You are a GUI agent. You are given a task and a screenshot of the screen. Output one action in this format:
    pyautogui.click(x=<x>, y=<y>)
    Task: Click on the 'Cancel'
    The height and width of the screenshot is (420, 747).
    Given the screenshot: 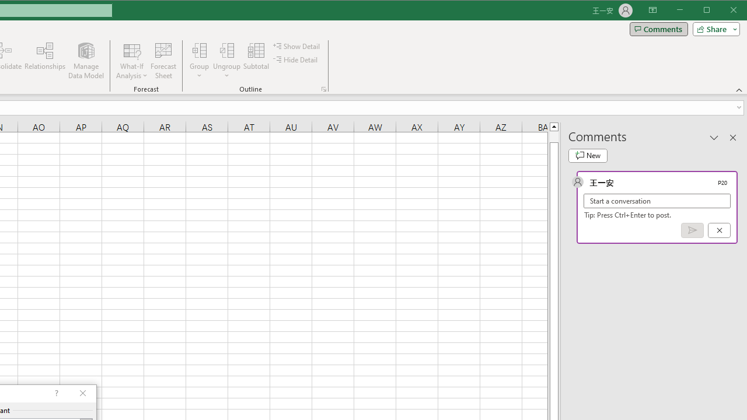 What is the action you would take?
    pyautogui.click(x=718, y=230)
    